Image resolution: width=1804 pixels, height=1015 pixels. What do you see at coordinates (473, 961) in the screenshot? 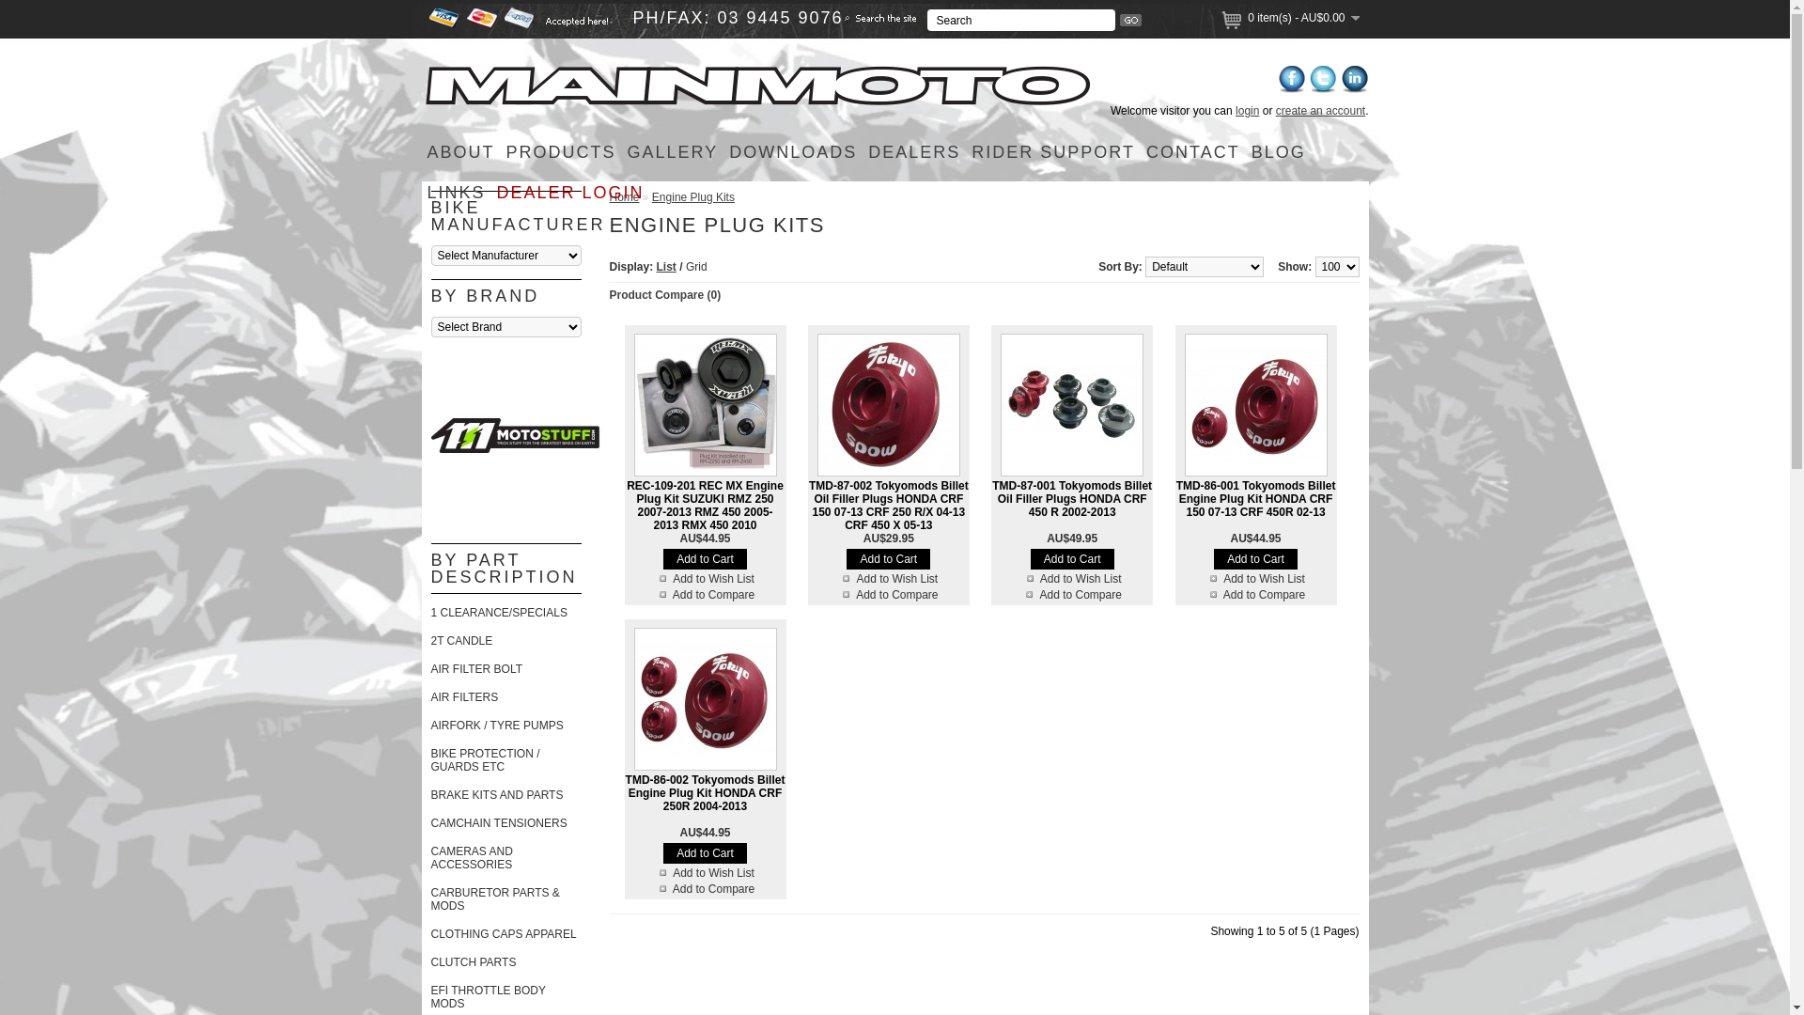
I see `'CLUTCH PARTS'` at bounding box center [473, 961].